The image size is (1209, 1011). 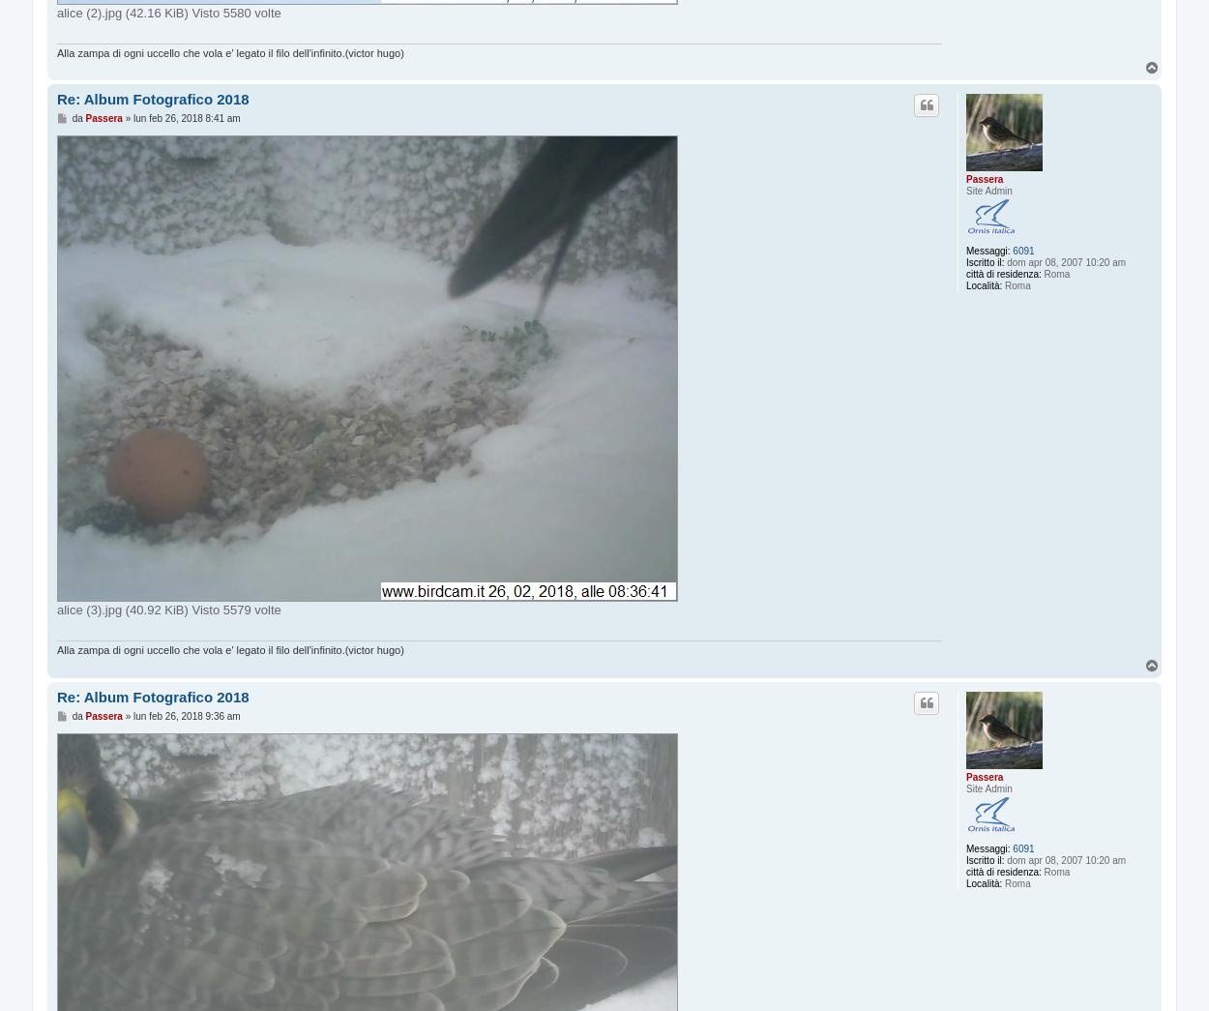 I want to click on 'lun feb 26, 2018 8:41 am', so click(x=186, y=117).